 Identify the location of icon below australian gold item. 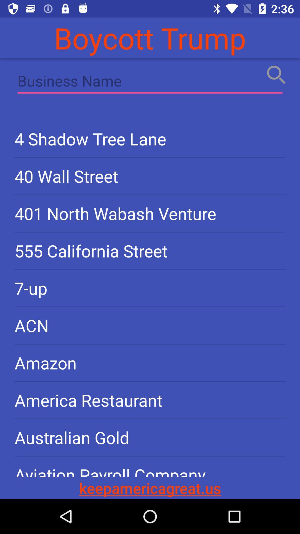
(150, 467).